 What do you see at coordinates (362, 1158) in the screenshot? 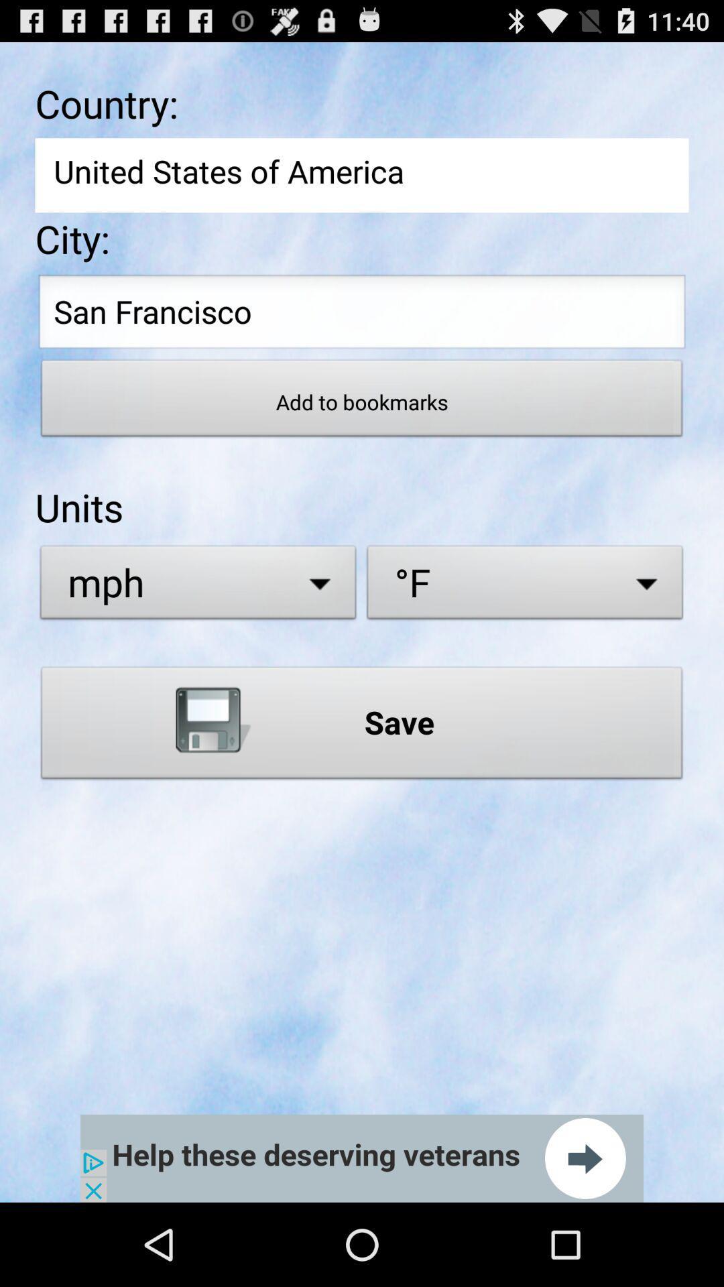
I see `advertisement` at bounding box center [362, 1158].